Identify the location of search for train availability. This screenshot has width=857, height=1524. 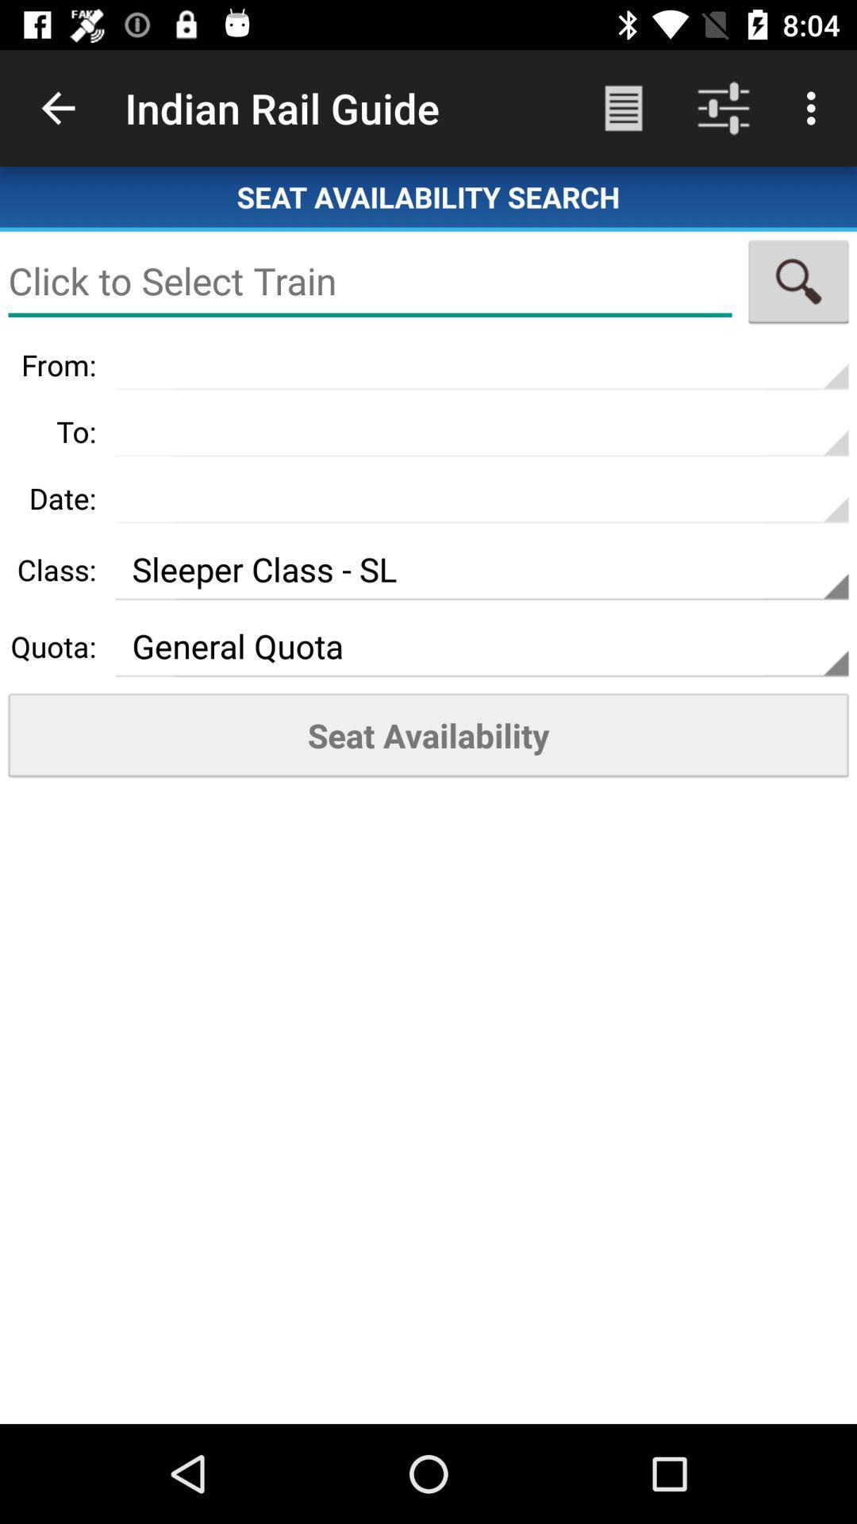
(798, 281).